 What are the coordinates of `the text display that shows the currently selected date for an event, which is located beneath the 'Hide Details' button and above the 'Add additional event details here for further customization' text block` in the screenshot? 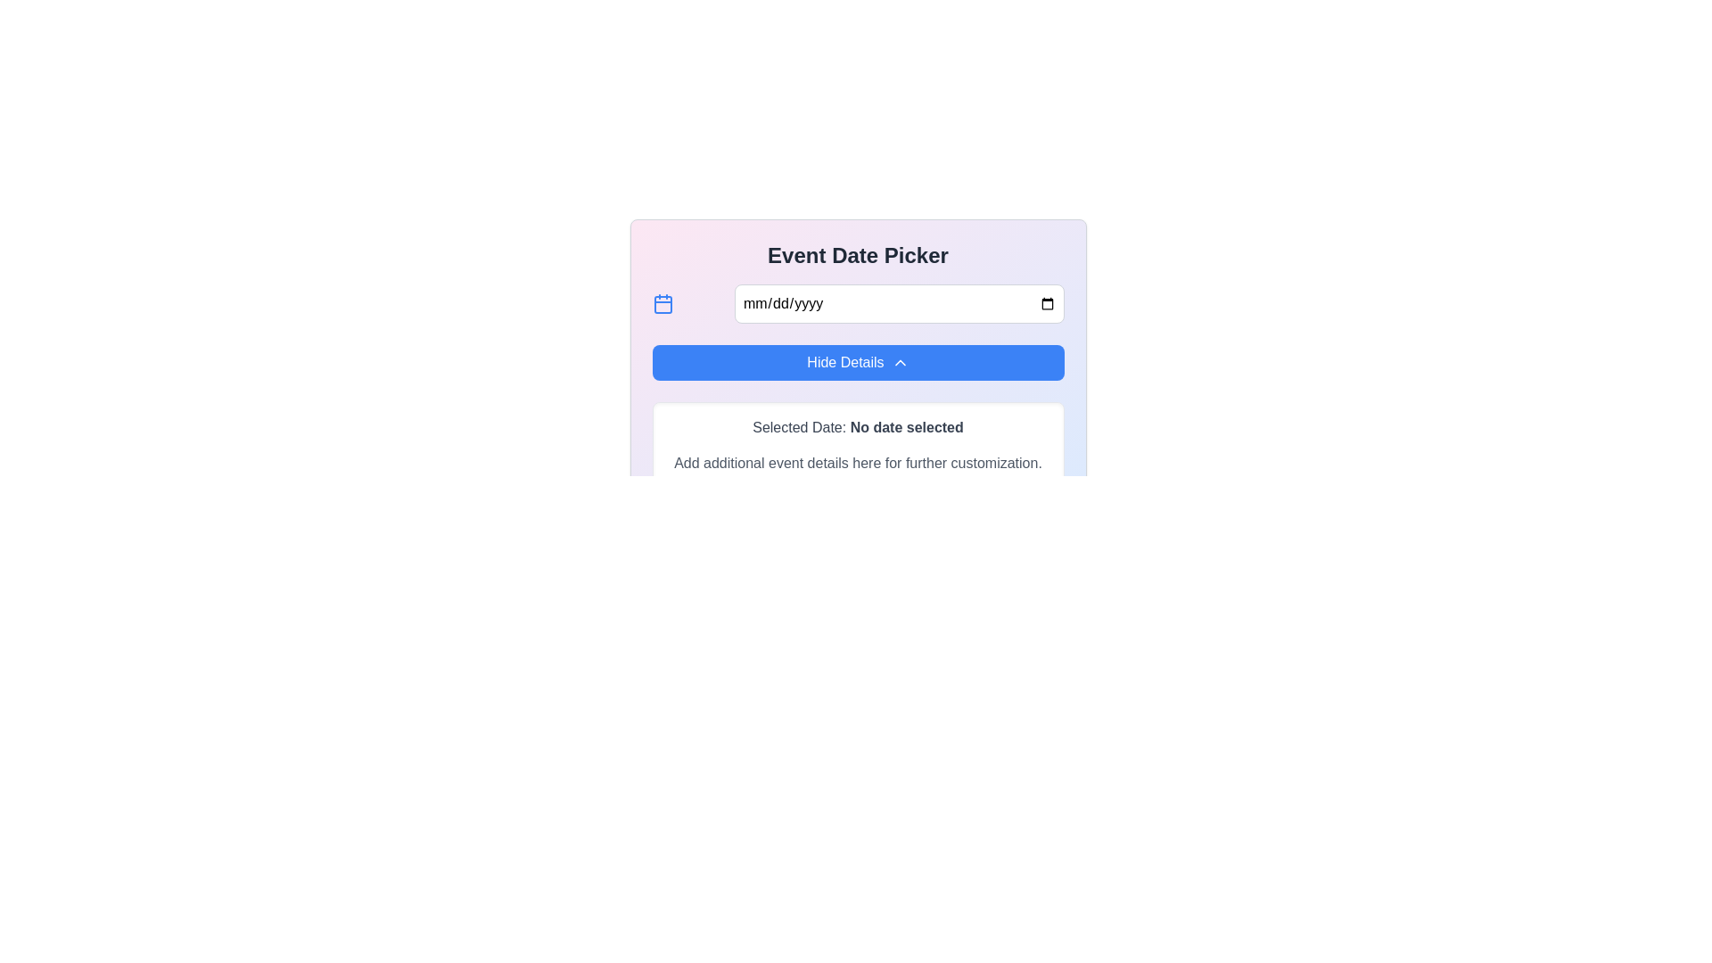 It's located at (858, 427).